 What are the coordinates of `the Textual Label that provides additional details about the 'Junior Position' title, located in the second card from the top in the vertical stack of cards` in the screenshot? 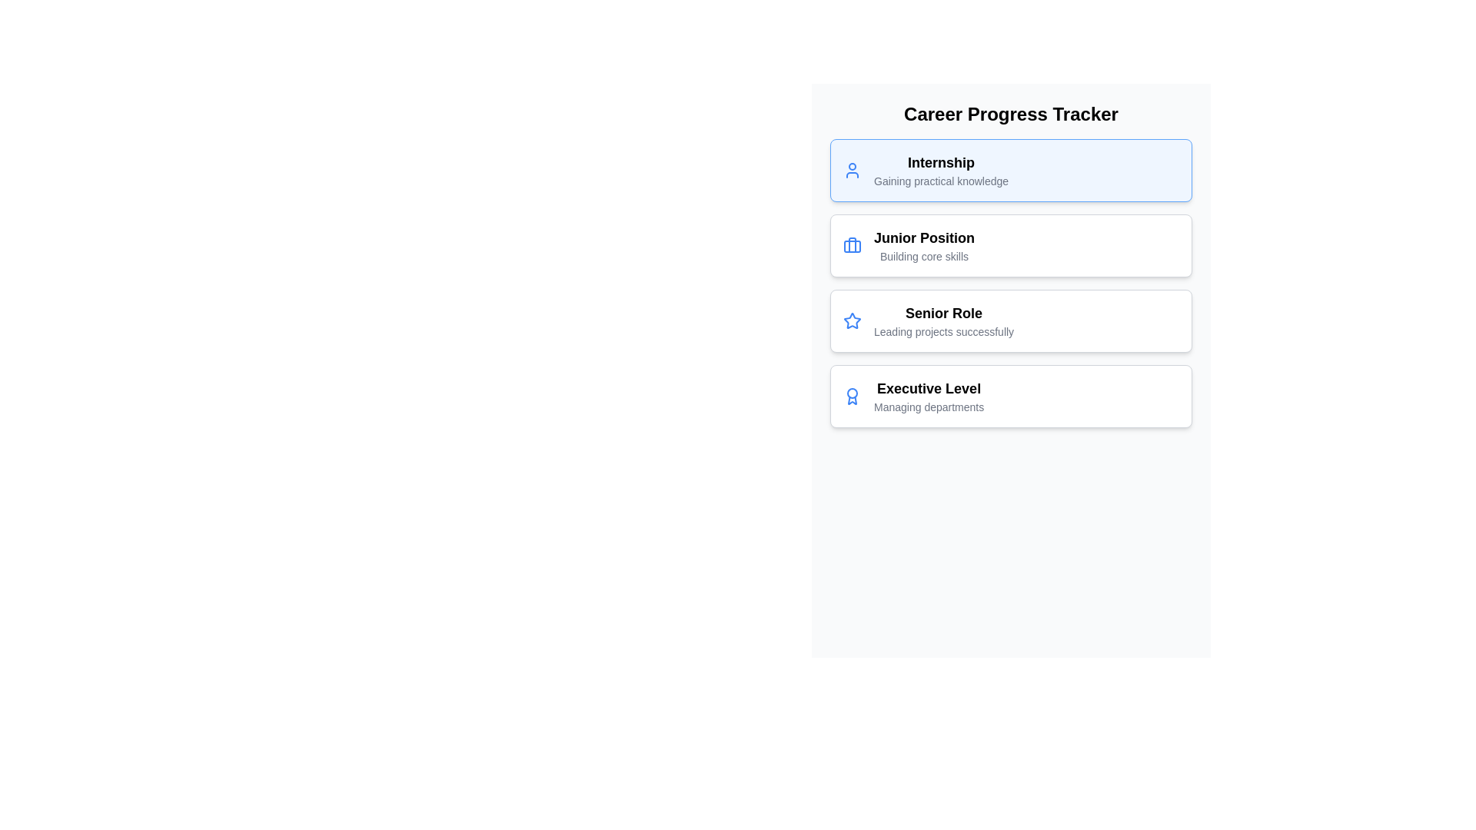 It's located at (923, 256).